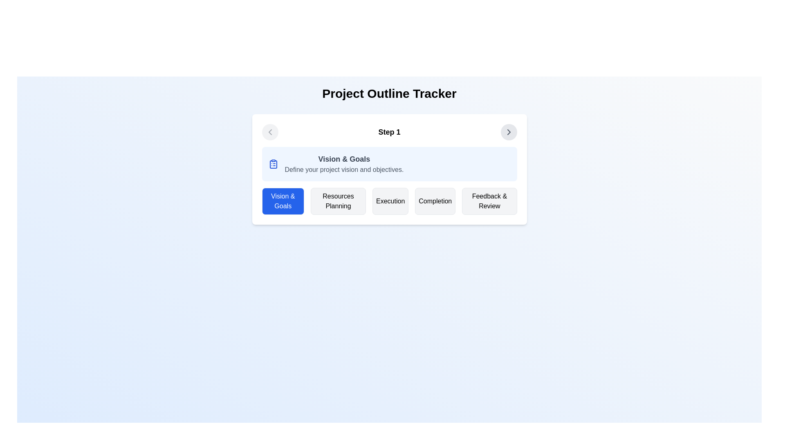 This screenshot has width=785, height=442. What do you see at coordinates (270, 132) in the screenshot?
I see `the circular icon button on the left side of the header bar labeled 'Step 1'` at bounding box center [270, 132].